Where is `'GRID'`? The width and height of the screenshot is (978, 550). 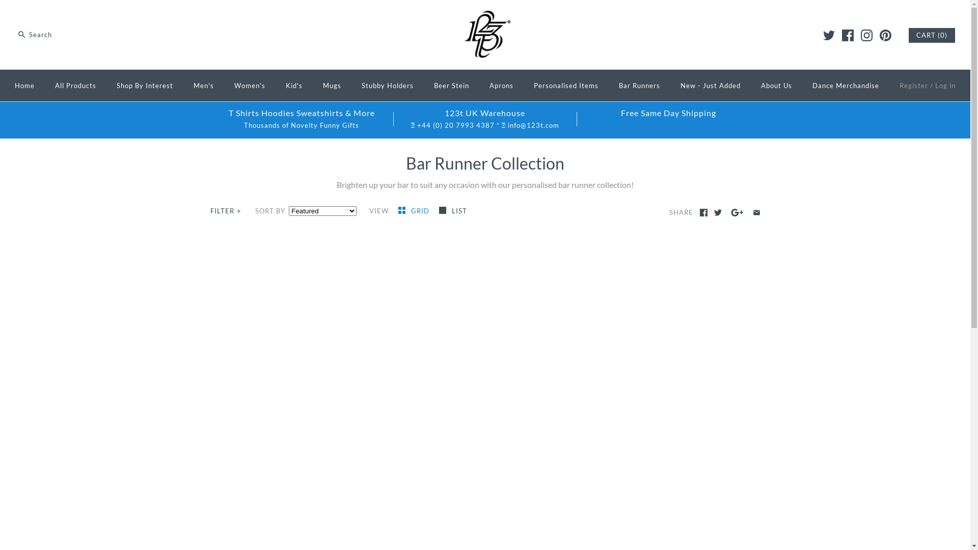
'GRID' is located at coordinates (415, 210).